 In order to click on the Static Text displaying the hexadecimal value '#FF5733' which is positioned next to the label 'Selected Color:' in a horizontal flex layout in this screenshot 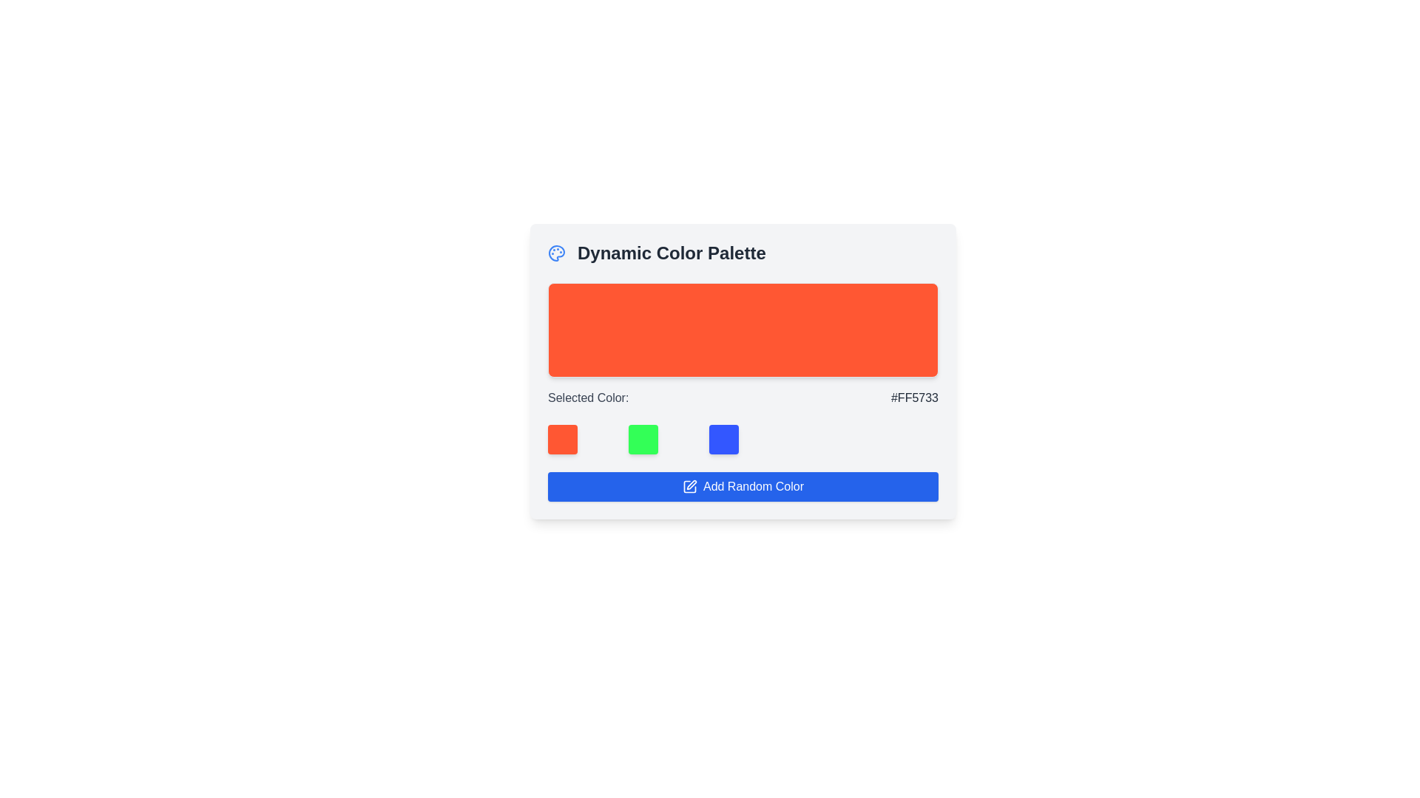, I will do `click(914, 398)`.